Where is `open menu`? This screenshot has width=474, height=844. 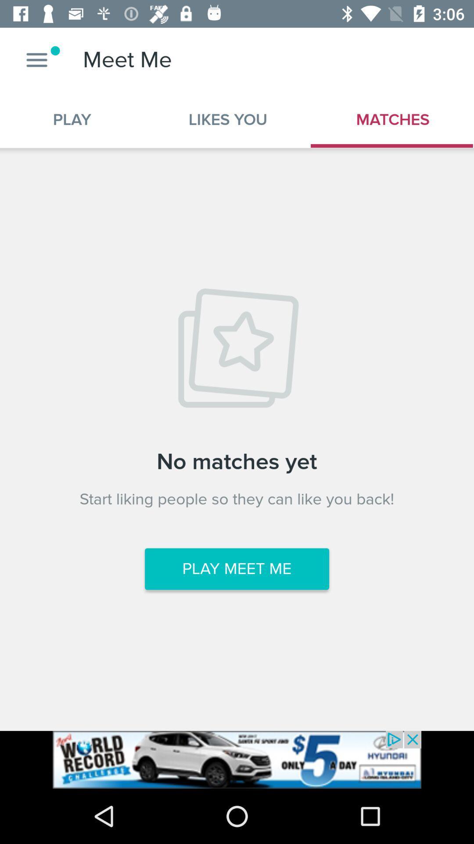
open menu is located at coordinates (36, 59).